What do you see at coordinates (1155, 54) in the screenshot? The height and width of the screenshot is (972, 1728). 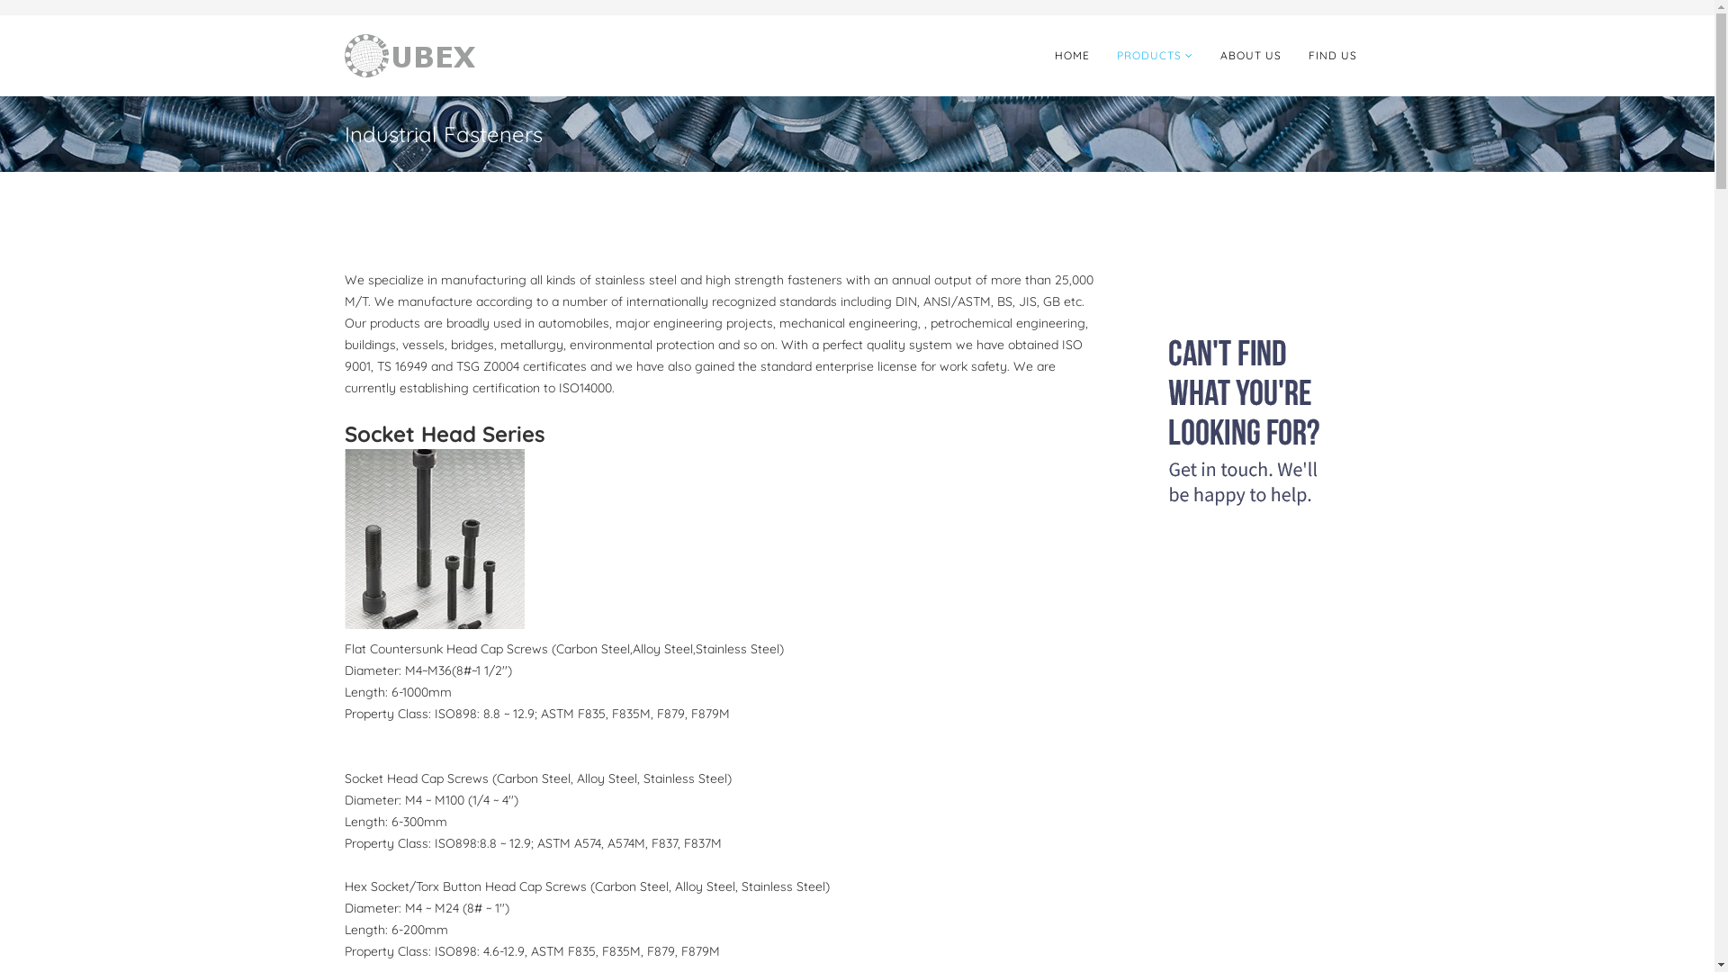 I see `'PRODUCTS'` at bounding box center [1155, 54].